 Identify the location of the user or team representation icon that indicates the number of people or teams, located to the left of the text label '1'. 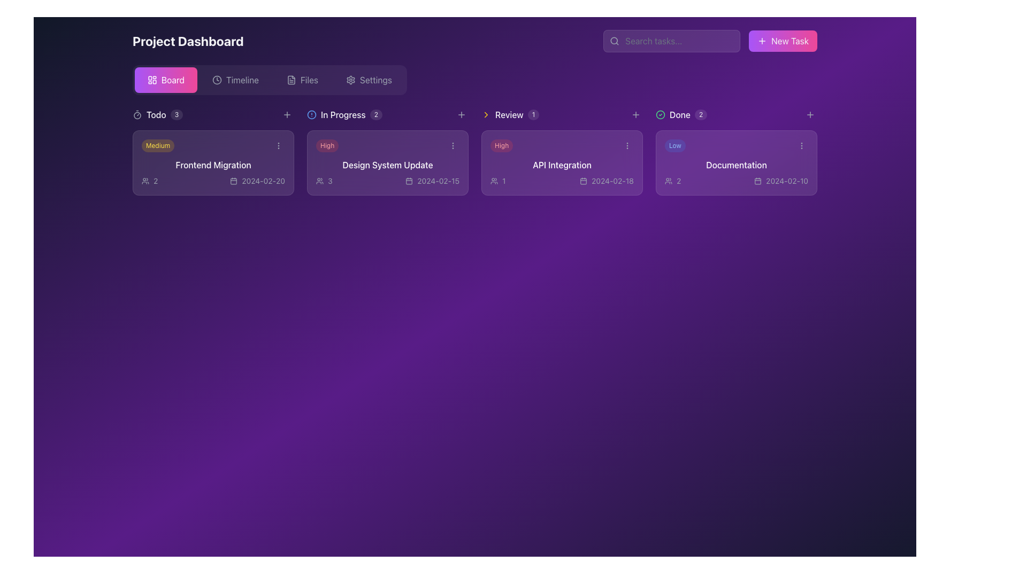
(494, 181).